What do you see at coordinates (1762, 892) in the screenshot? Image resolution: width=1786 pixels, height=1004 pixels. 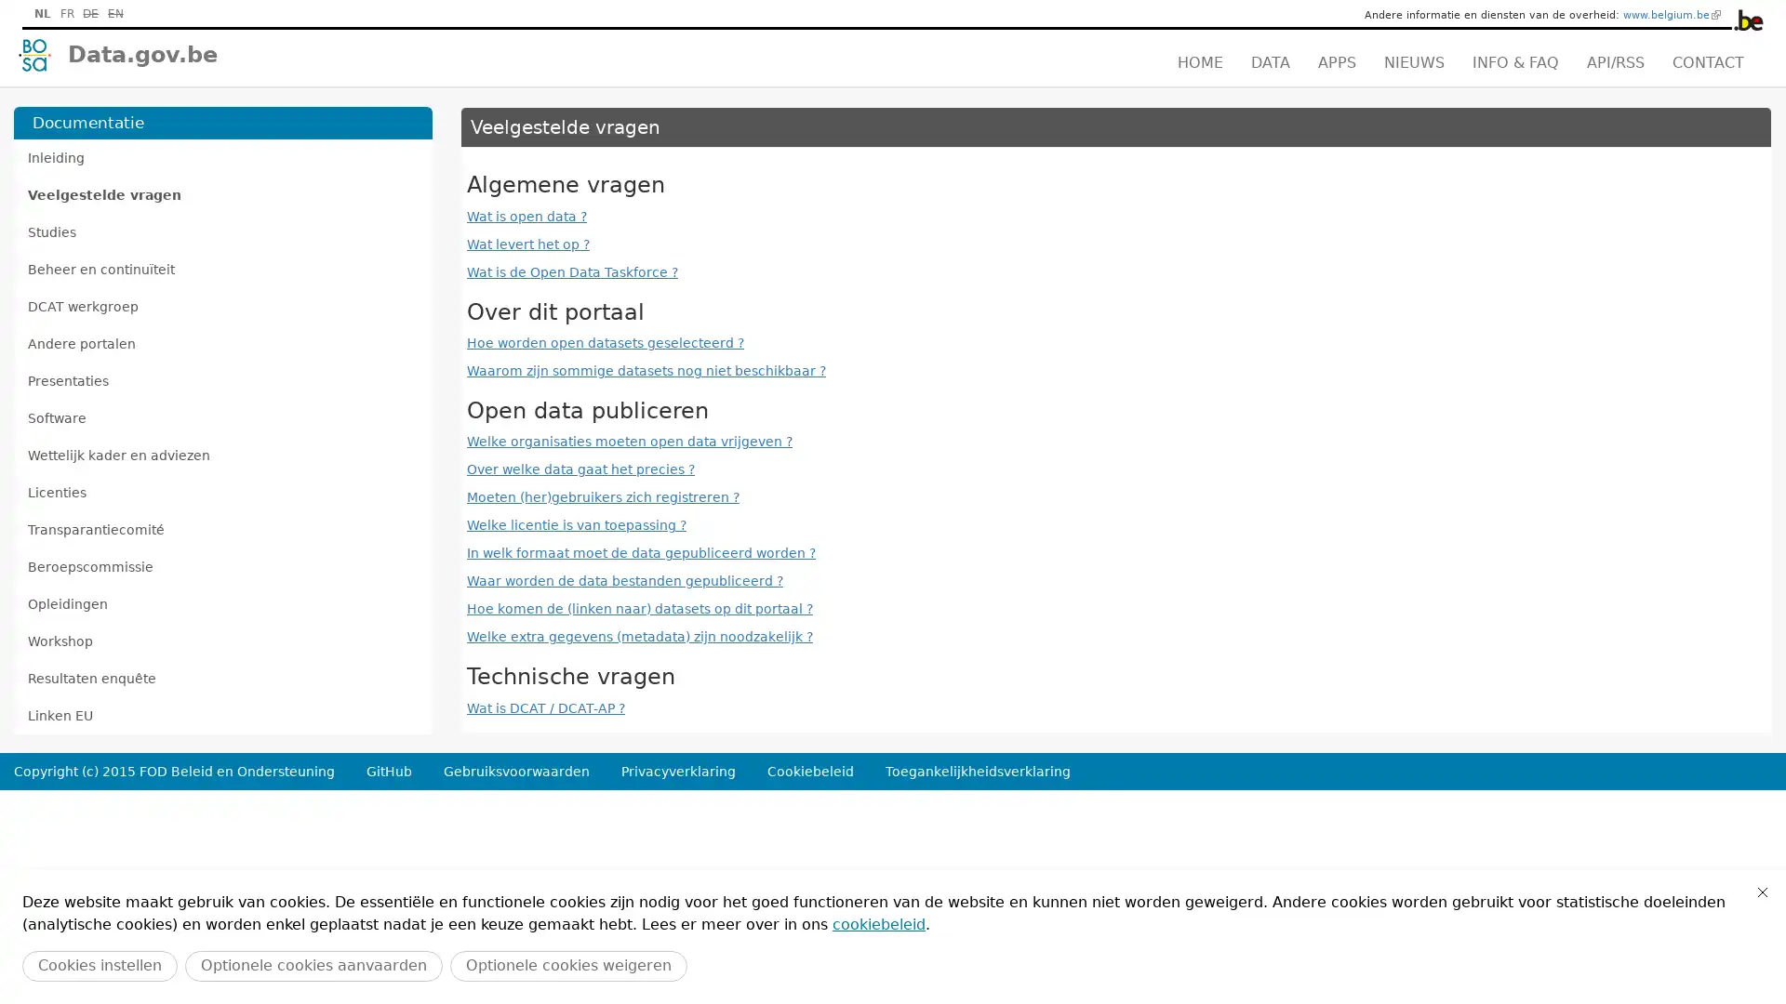 I see `Sluiten` at bounding box center [1762, 892].